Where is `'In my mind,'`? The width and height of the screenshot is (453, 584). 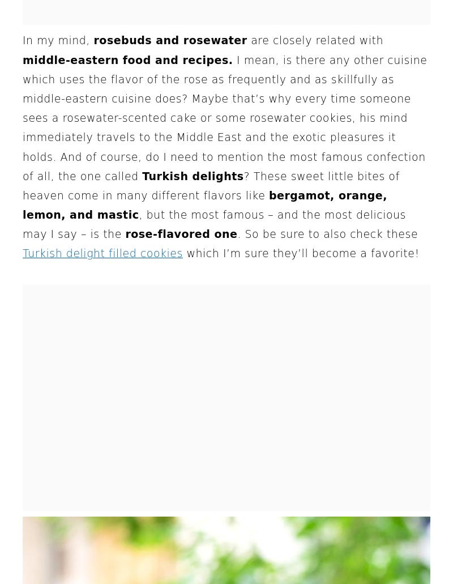 'In my mind,' is located at coordinates (57, 40).